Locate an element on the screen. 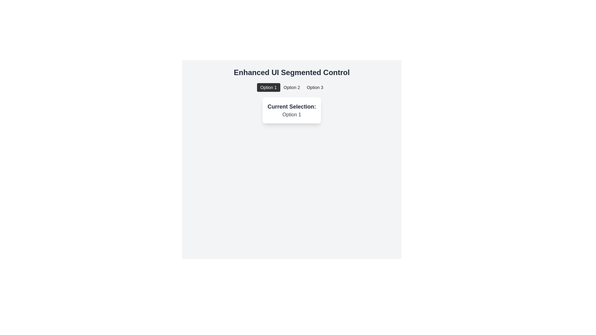  the segmented control option labeled 'Option 3' is located at coordinates (315, 87).